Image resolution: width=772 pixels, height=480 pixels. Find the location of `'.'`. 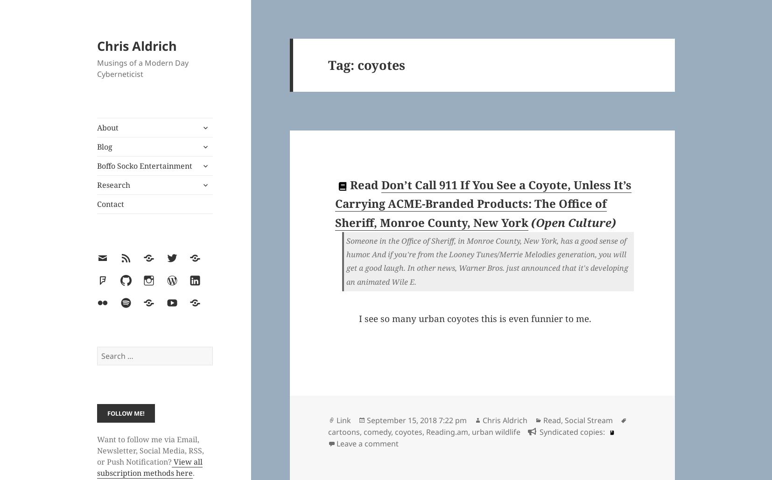

'.' is located at coordinates (193, 472).